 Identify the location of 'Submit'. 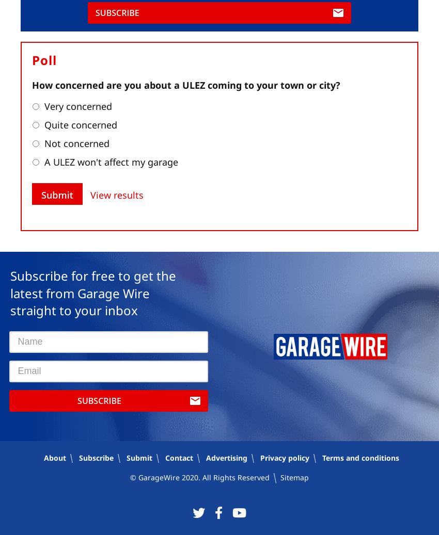
(138, 458).